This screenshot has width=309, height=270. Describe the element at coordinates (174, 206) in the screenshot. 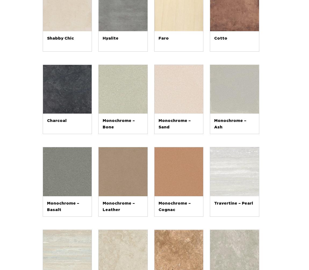

I see `'Monochrome – Cognac'` at that location.